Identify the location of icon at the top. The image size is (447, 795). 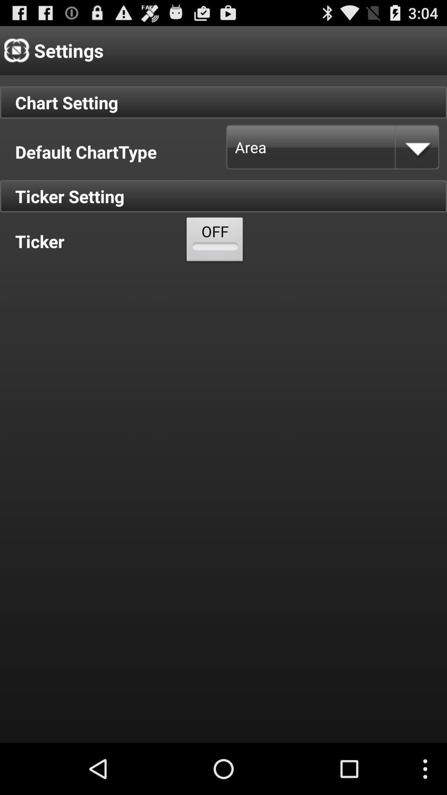
(214, 241).